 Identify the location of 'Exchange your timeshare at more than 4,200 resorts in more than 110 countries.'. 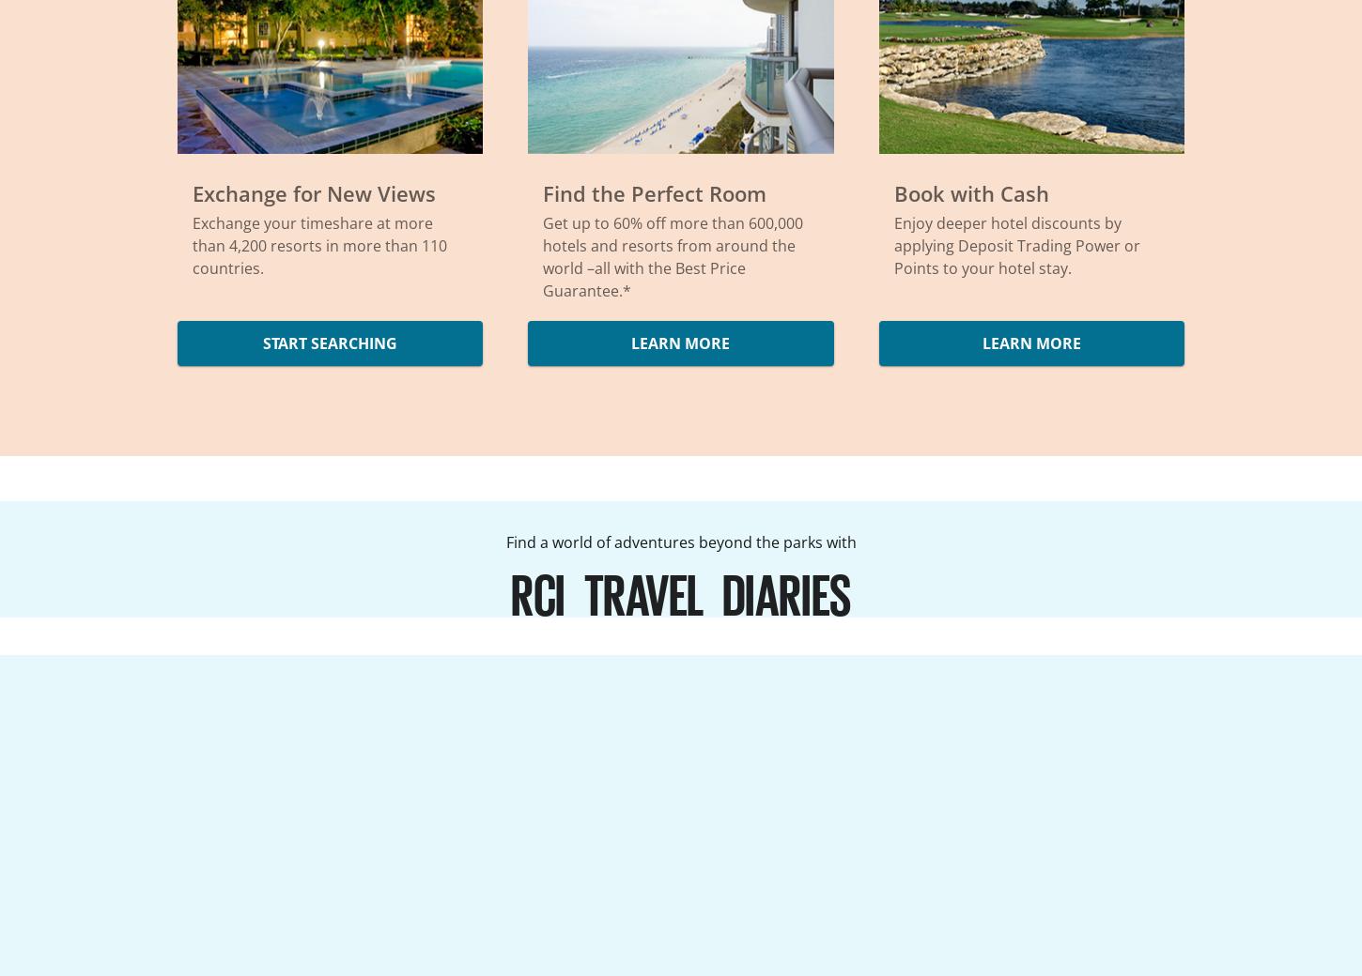
(319, 244).